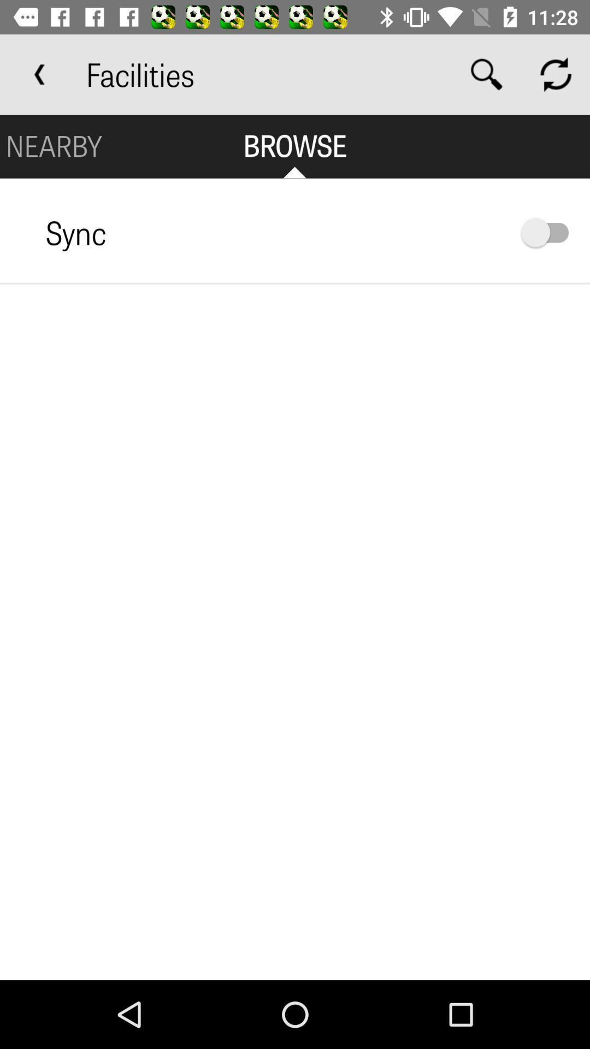 This screenshot has height=1049, width=590. I want to click on app next to the facilities app, so click(39, 74).